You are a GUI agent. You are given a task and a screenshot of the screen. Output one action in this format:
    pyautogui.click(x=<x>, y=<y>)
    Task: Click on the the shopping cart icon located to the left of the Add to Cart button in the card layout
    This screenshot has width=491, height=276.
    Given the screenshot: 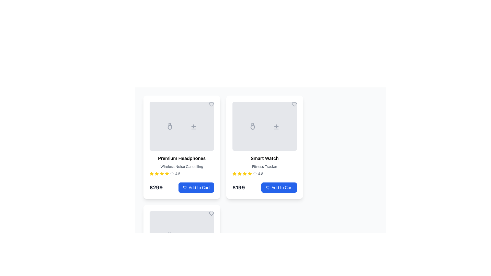 What is the action you would take?
    pyautogui.click(x=184, y=187)
    